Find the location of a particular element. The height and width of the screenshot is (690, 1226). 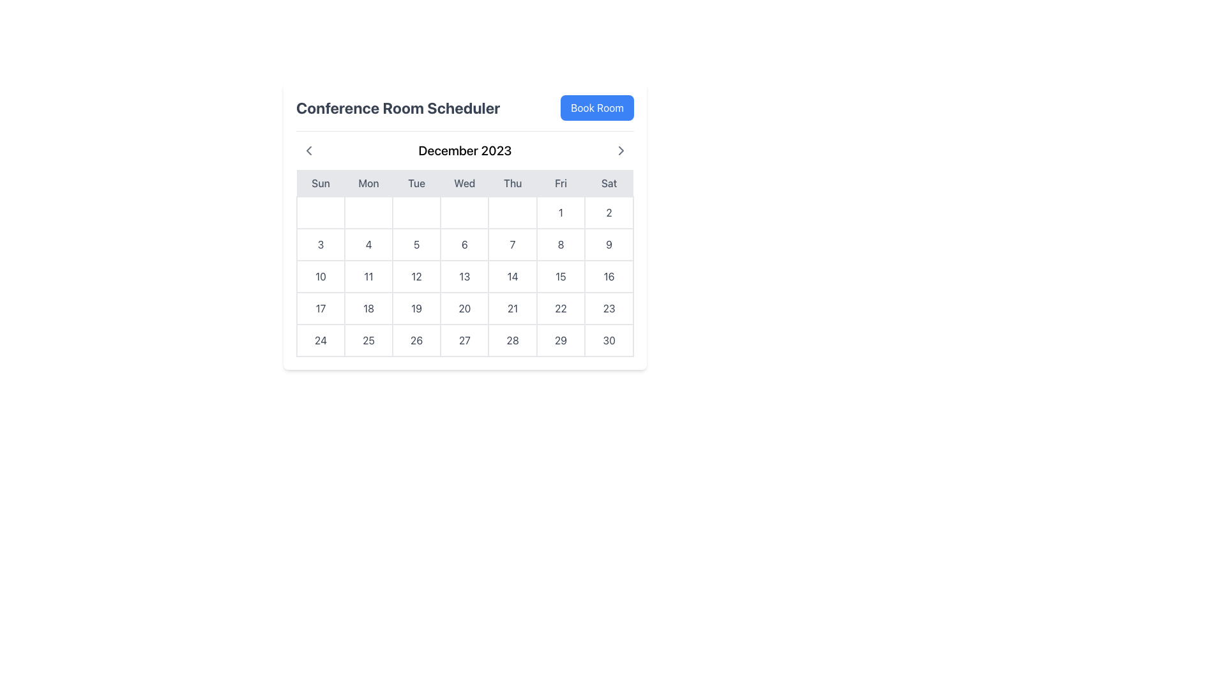

the Static Text Label that displays the currently selected month and year in the calendar interface, located at the center of the top section of the calendar is located at coordinates (464, 149).